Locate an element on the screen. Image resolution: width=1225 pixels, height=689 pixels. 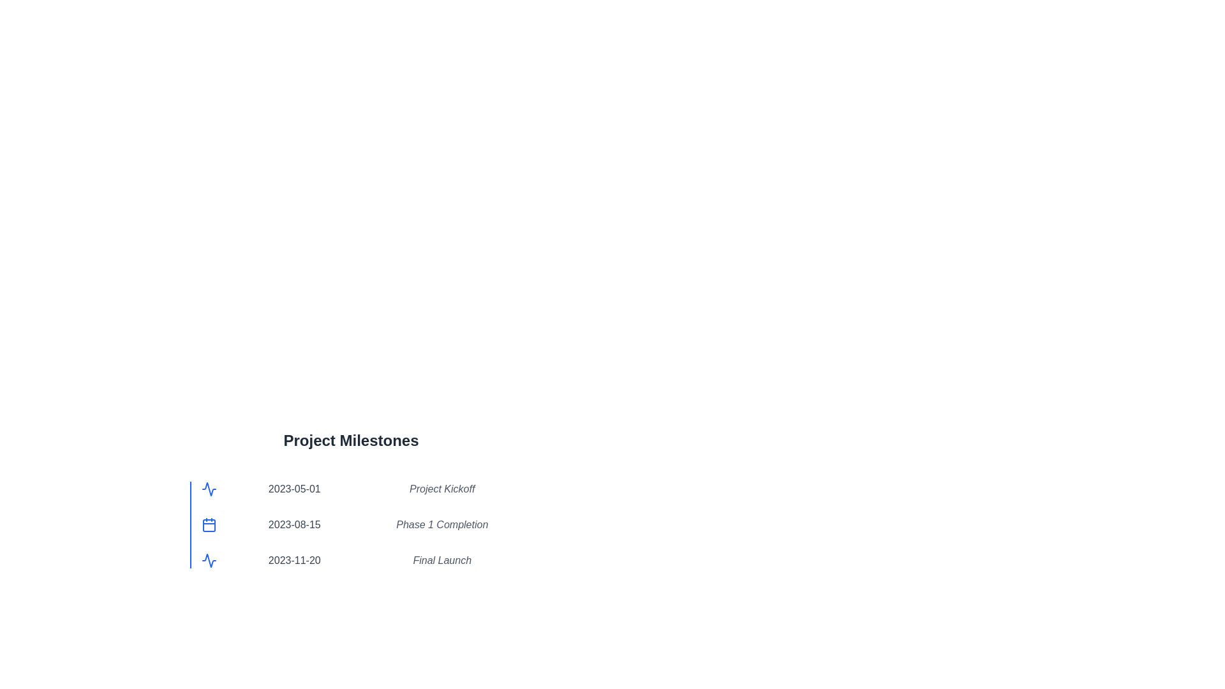
the SVG graphic icon representing the activity for the 'Final Launch' milestone, located in the leftmost column adjacent to the bold date text is located at coordinates (209, 560).